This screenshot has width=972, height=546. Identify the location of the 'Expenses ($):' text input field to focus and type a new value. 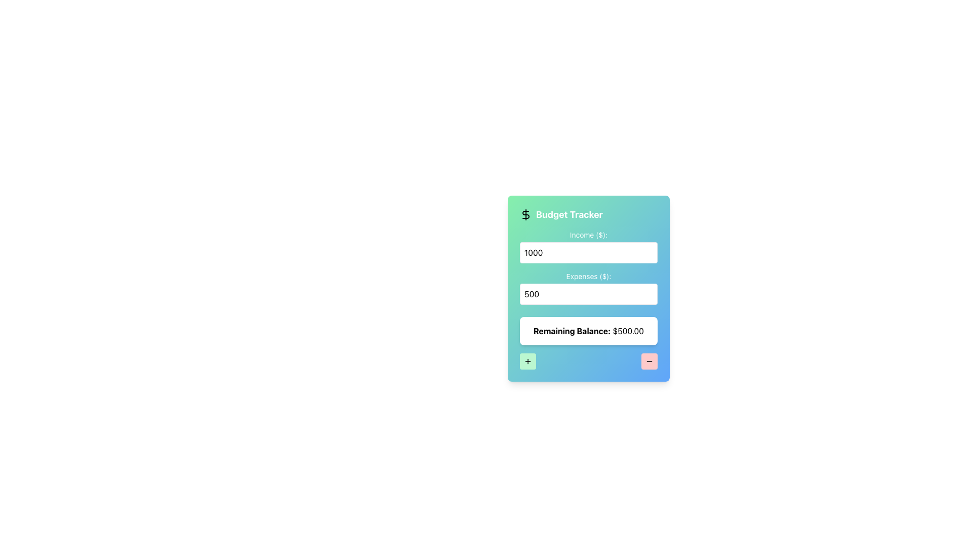
(588, 288).